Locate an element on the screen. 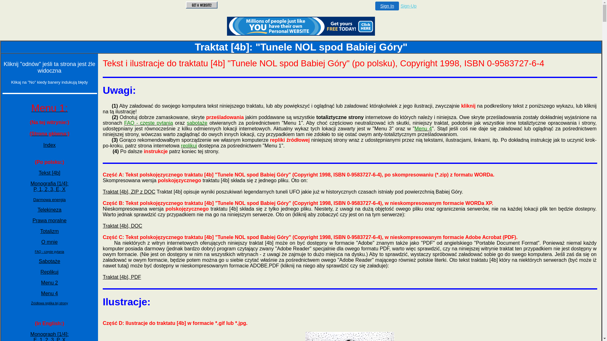  'replikuj' is located at coordinates (188, 146).